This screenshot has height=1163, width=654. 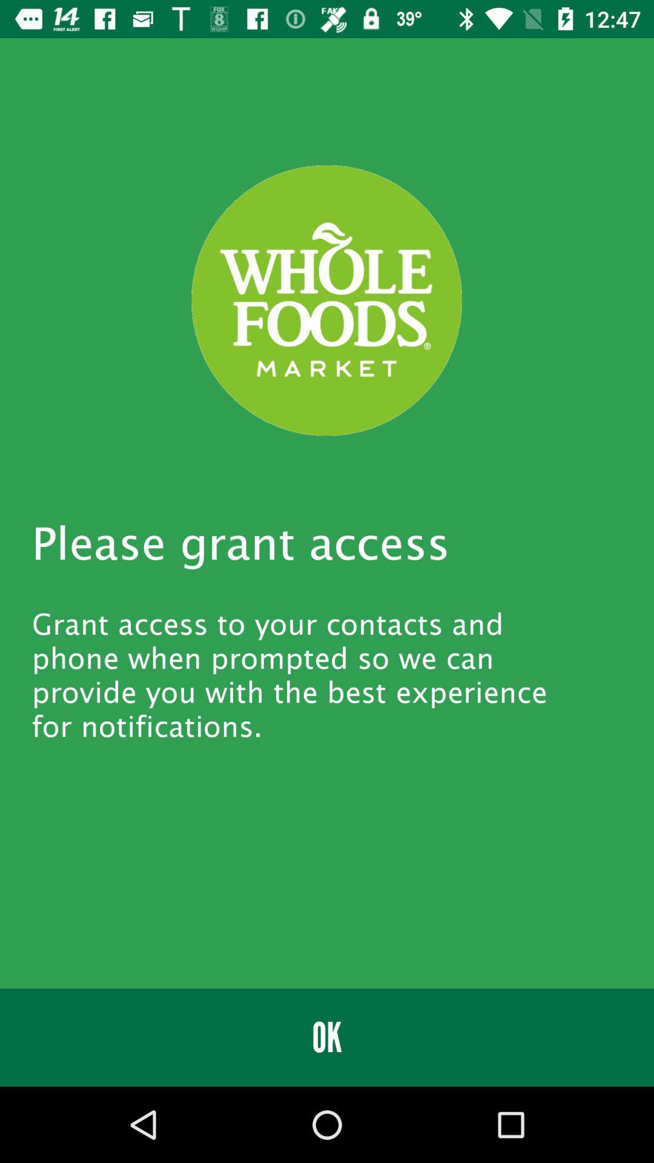 I want to click on the ok icon, so click(x=327, y=1037).